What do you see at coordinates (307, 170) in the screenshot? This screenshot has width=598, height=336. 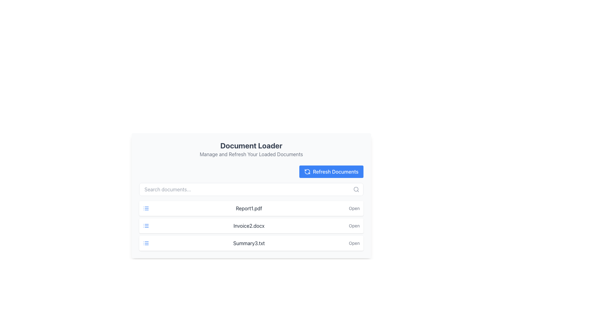 I see `the top-left arc segment of the circular arrow icon, which represents the refresh function, located to the right of the 'Refresh Documents' button` at bounding box center [307, 170].